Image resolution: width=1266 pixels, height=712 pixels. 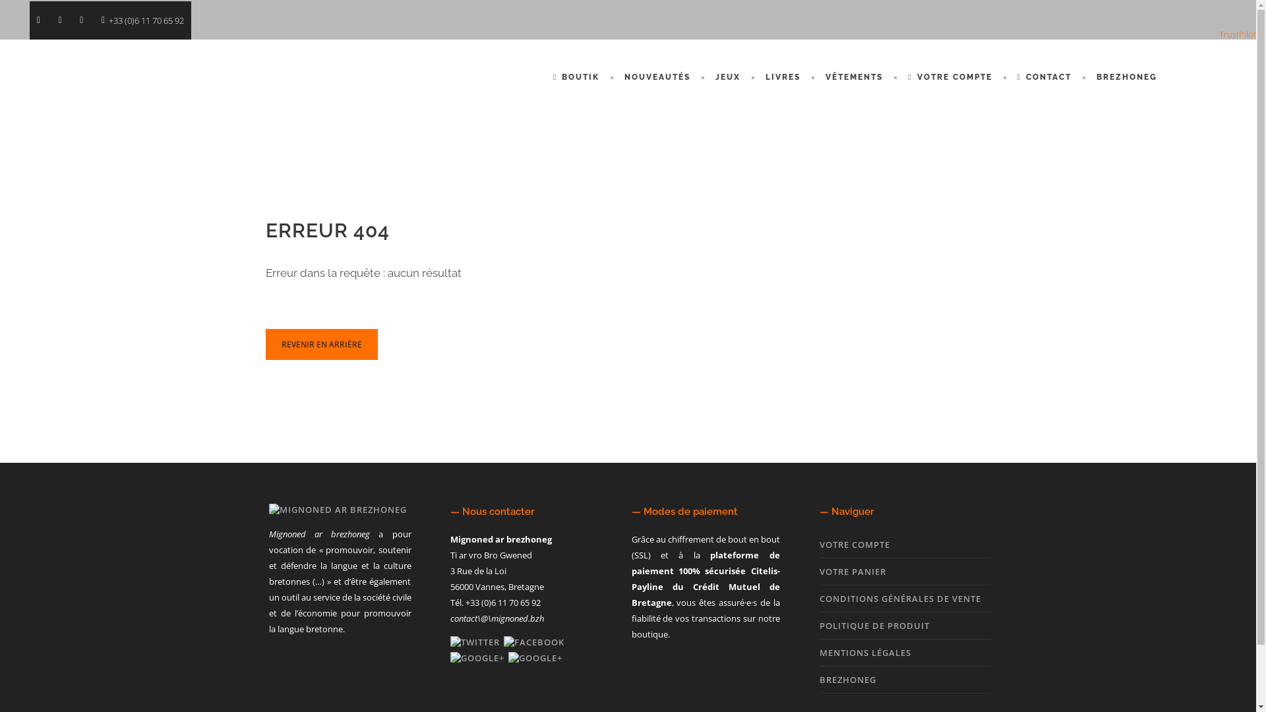 I want to click on 'LIVRES', so click(x=753, y=77).